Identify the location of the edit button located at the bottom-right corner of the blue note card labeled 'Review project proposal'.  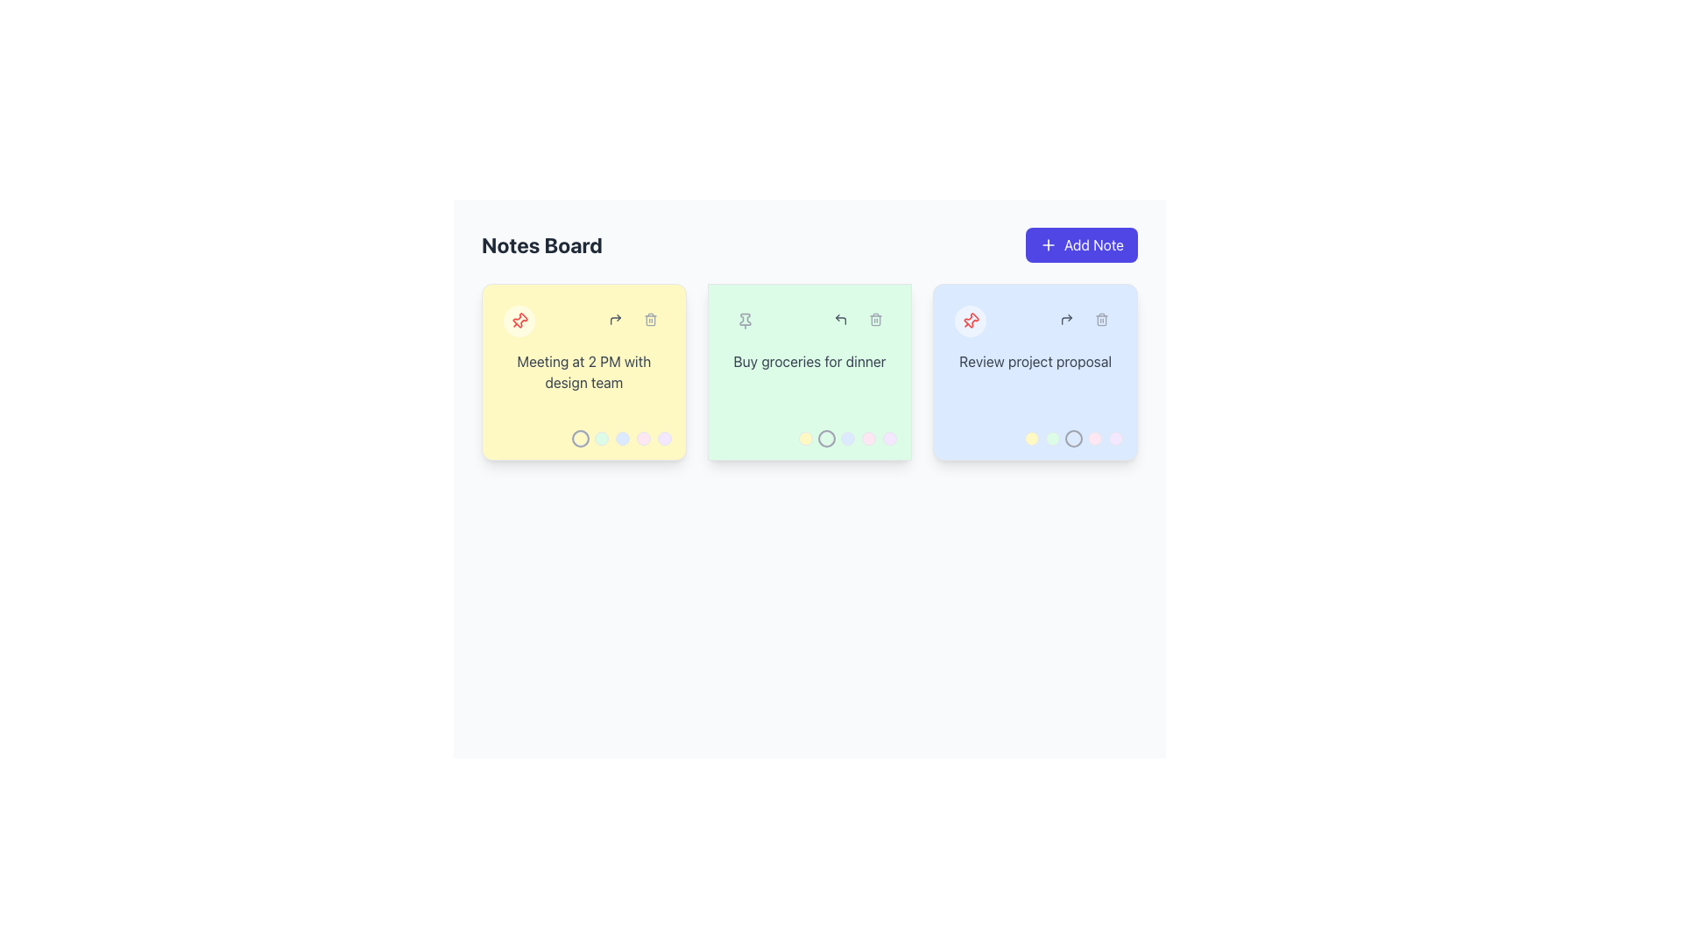
(1108, 364).